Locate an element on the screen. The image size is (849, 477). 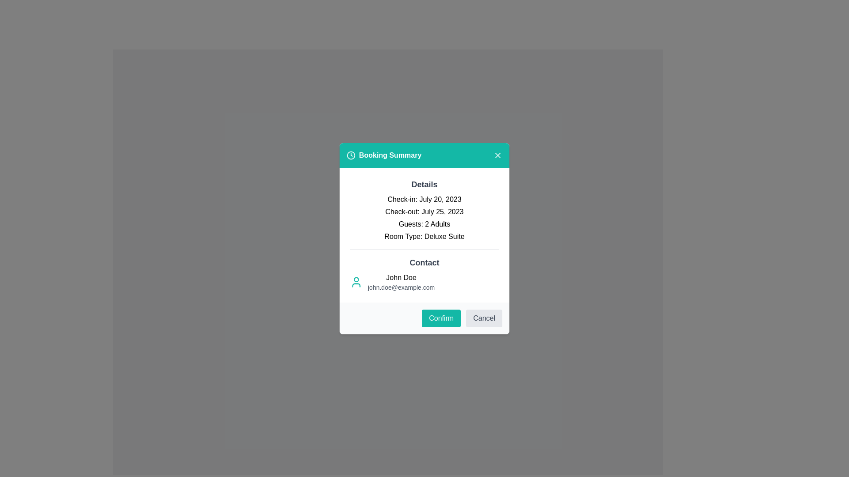
the clock icon located to the left of the 'Booking Summary' heading in the window's header is located at coordinates (350, 155).